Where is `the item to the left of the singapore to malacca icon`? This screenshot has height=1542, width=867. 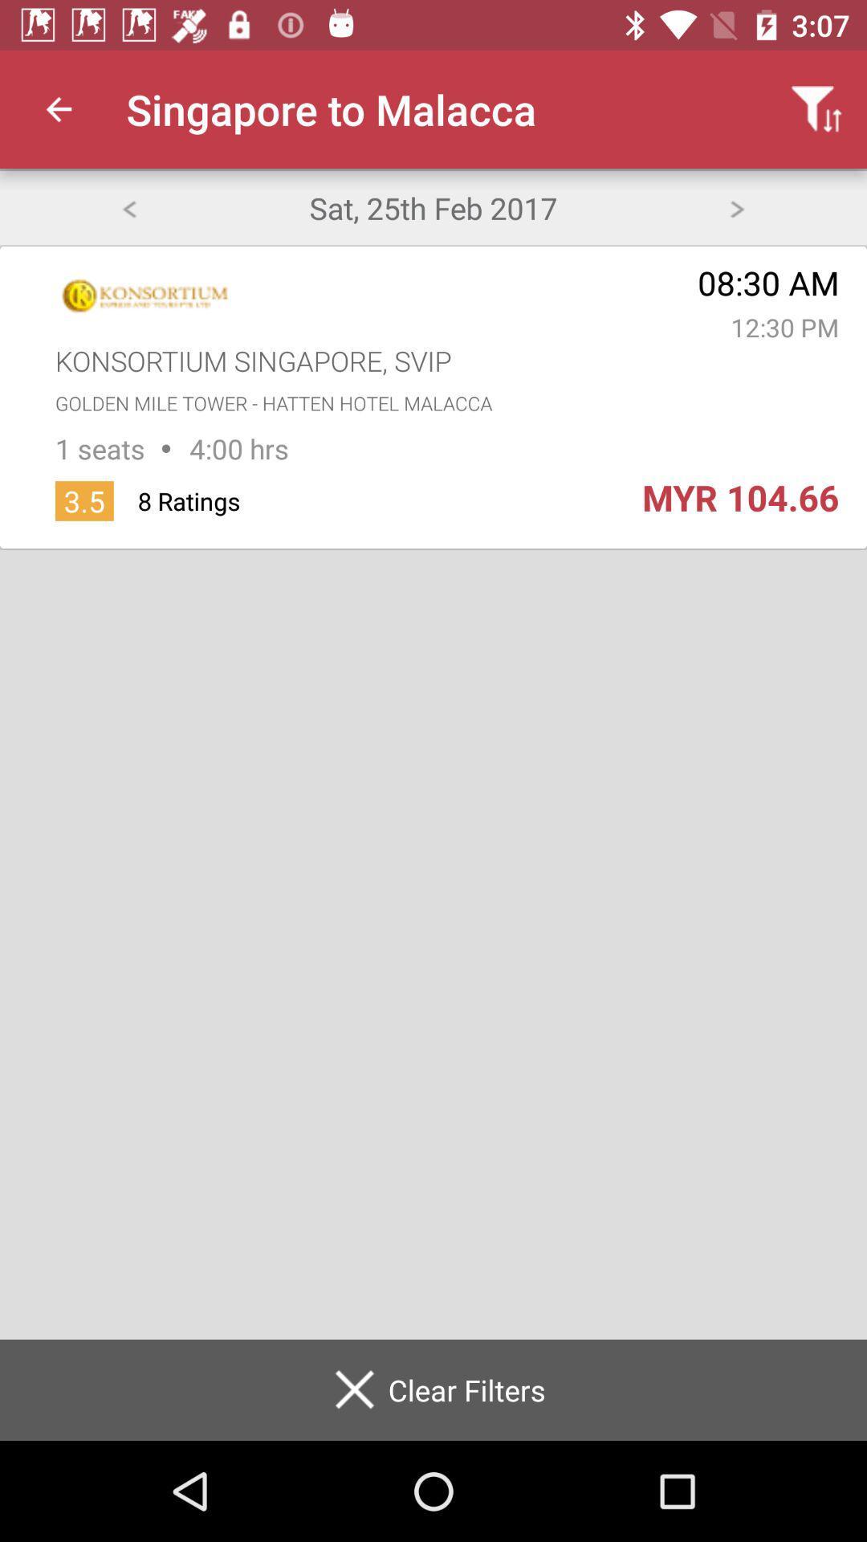
the item to the left of the singapore to malacca icon is located at coordinates (58, 108).